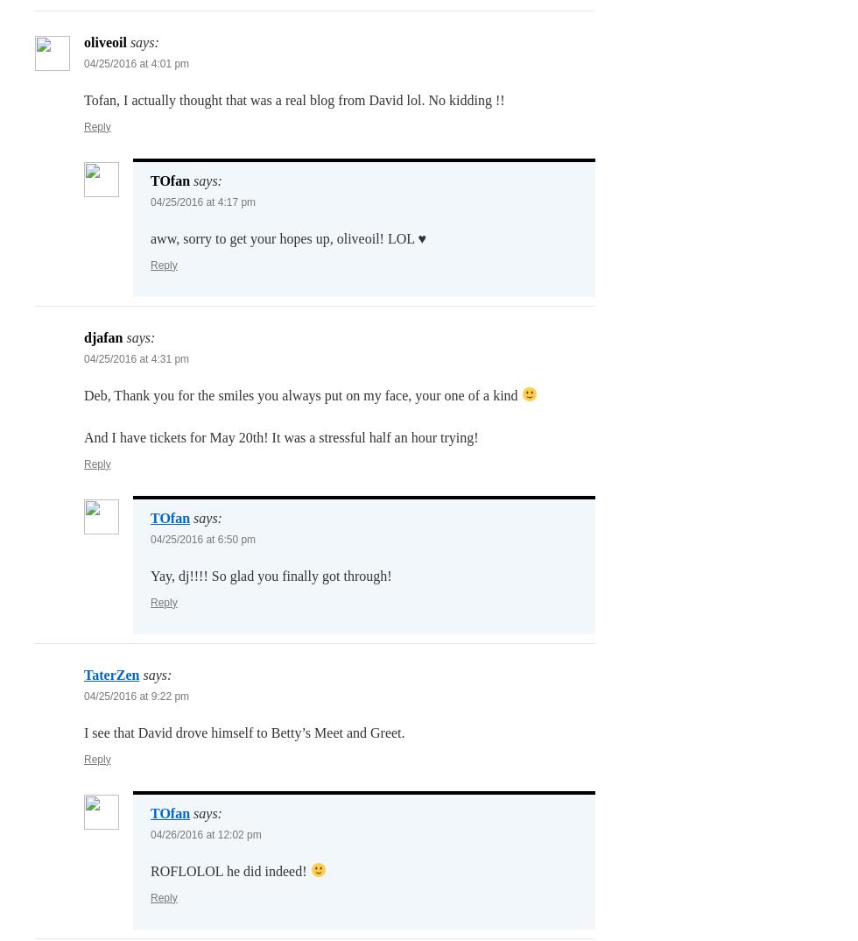 The width and height of the screenshot is (858, 941). I want to click on 'oliveoil', so click(104, 40).